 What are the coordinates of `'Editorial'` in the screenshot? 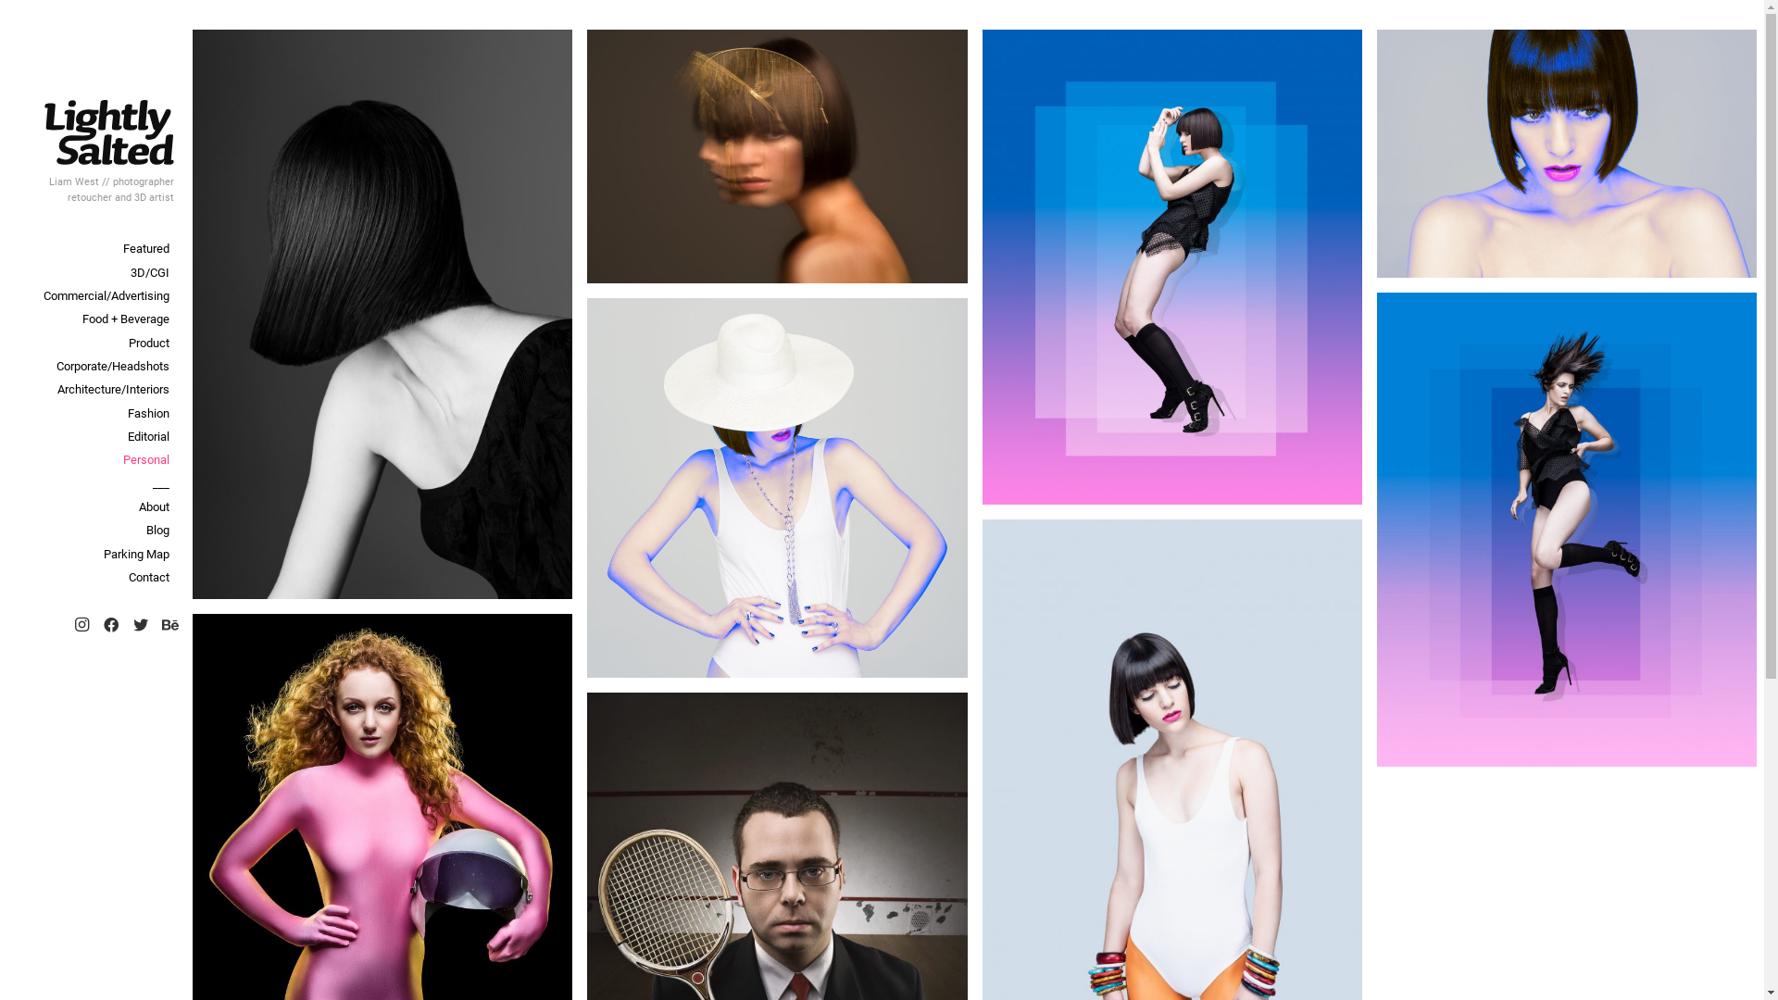 It's located at (92, 436).